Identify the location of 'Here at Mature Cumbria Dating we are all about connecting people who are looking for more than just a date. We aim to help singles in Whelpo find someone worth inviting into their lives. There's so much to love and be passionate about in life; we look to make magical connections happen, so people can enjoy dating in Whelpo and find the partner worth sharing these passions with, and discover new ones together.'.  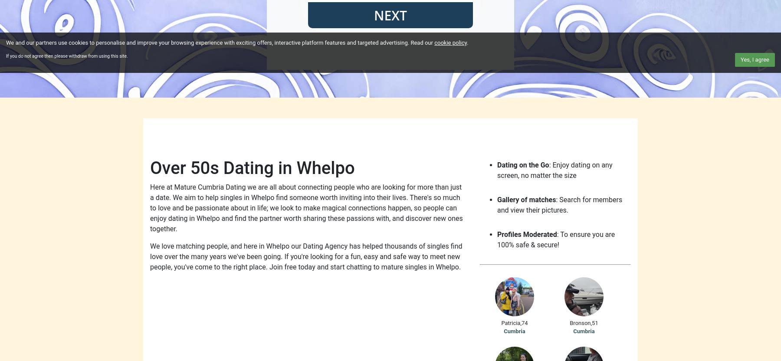
(150, 207).